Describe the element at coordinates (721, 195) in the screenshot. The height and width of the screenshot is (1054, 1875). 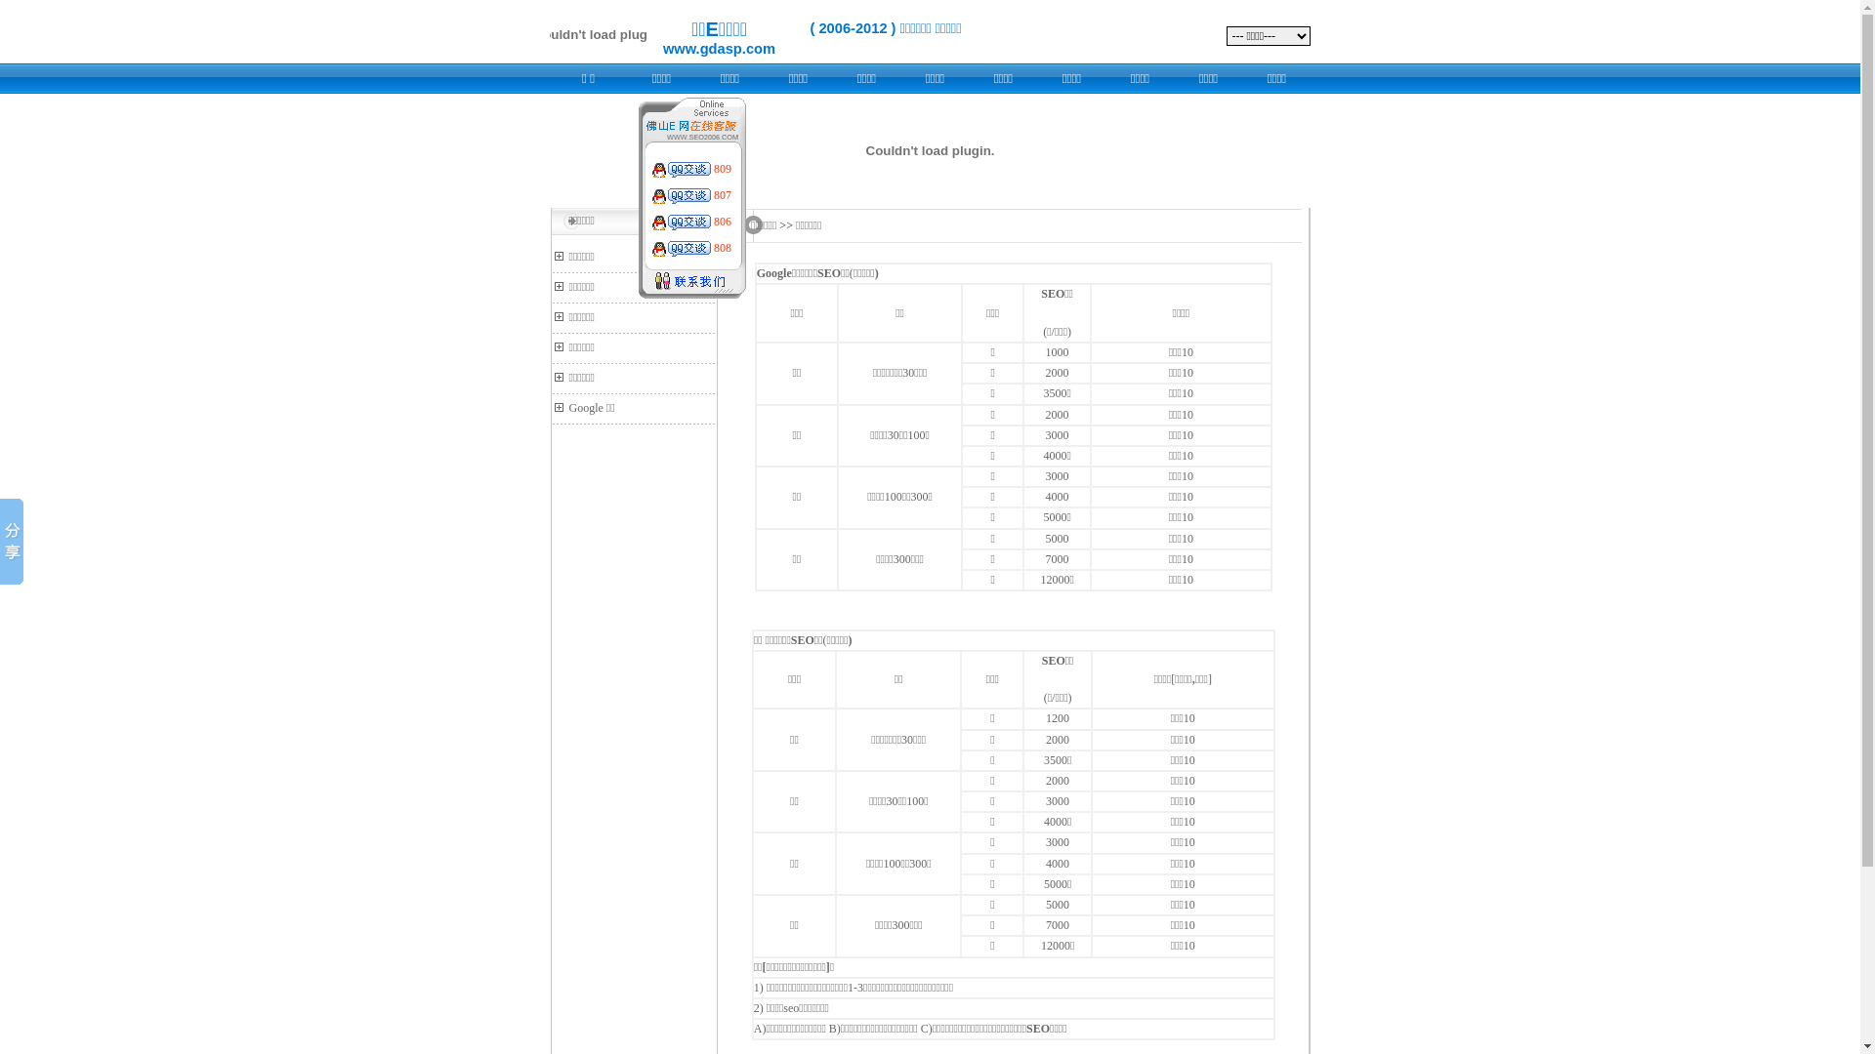
I see `'807'` at that location.